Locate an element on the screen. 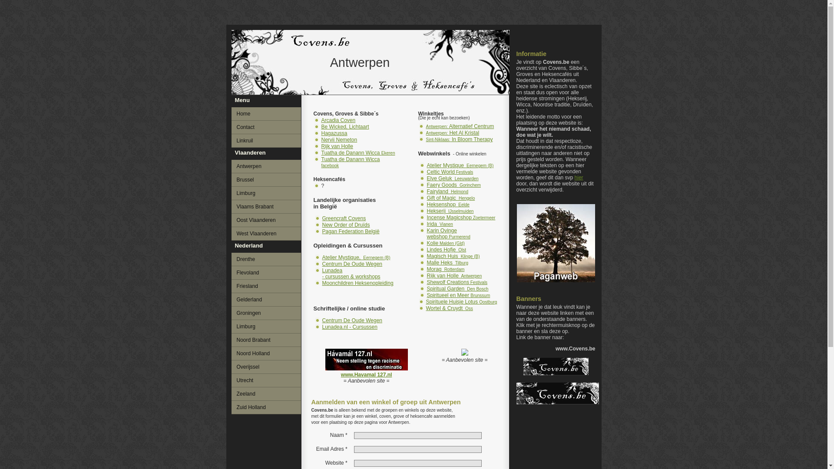 Image resolution: width=834 pixels, height=469 pixels. 'Arcadia Coven' is located at coordinates (338, 120).